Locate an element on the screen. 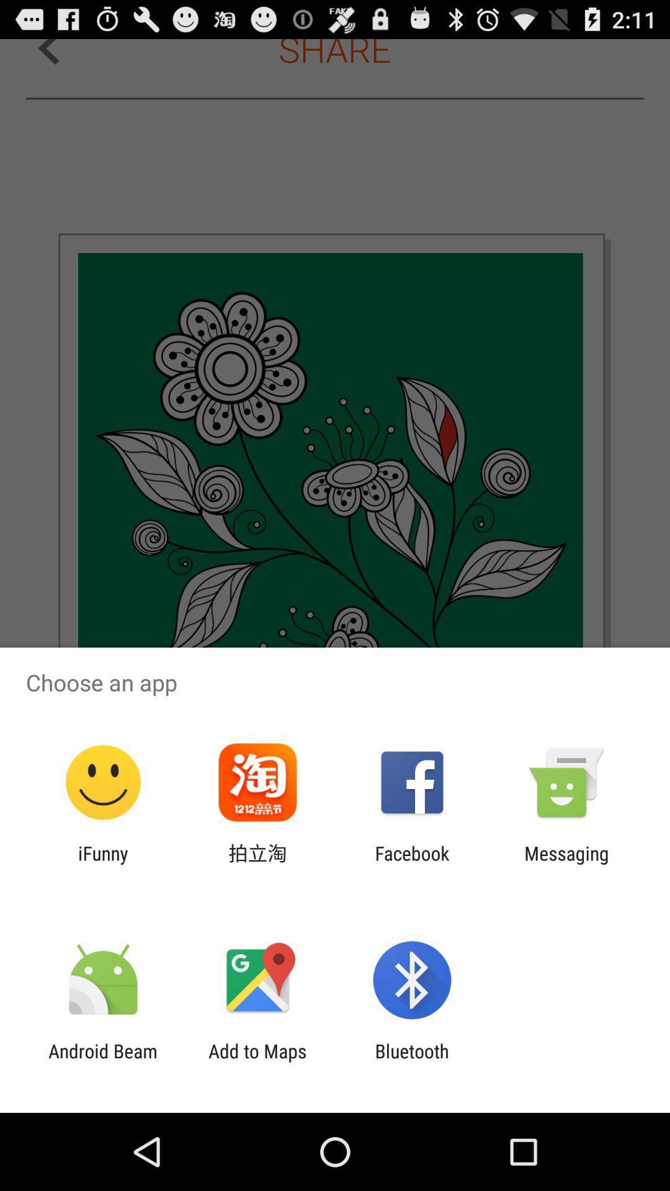 The image size is (670, 1191). the icon at the bottom right corner is located at coordinates (566, 863).